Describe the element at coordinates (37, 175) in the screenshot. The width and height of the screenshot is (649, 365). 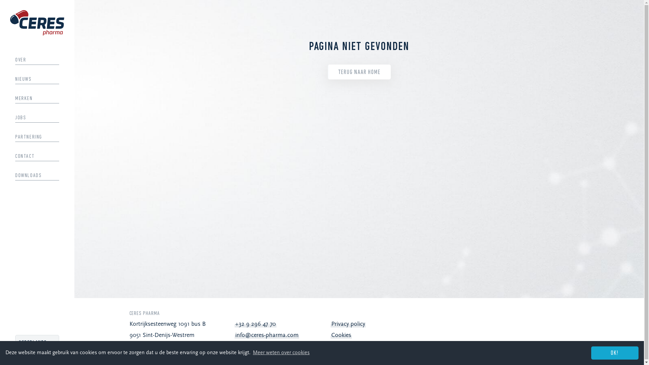
I see `'DOWNLOADS'` at that location.